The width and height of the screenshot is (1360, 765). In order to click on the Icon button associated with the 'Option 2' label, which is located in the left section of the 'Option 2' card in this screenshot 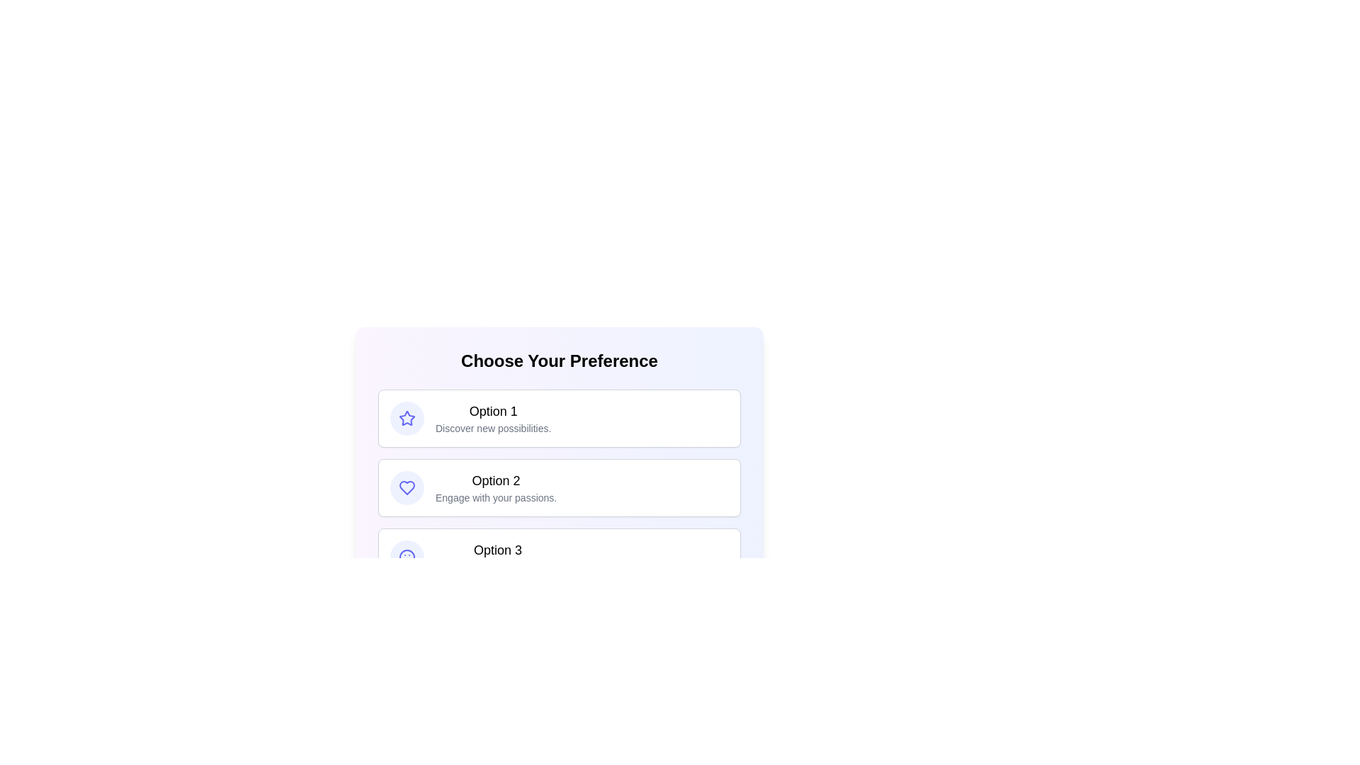, I will do `click(407, 487)`.